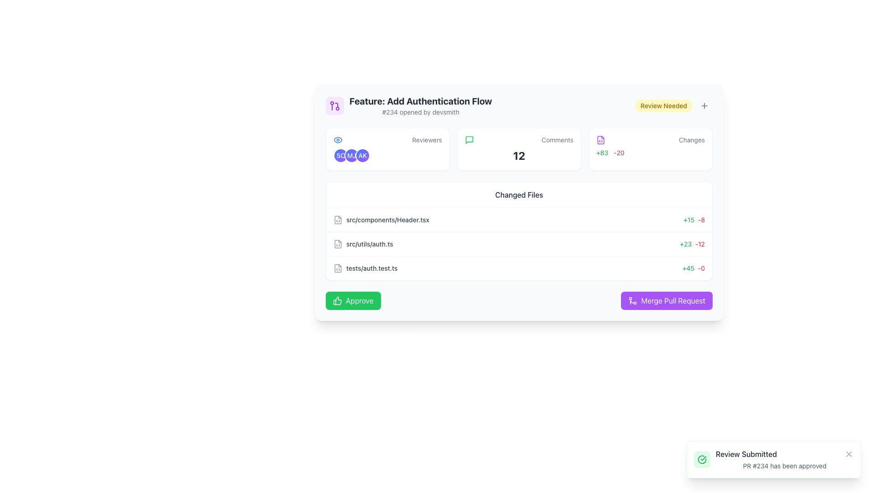  I want to click on the text label displaying 'src/components/Header.tsx' in the 'Changed Files' section, so click(387, 220).